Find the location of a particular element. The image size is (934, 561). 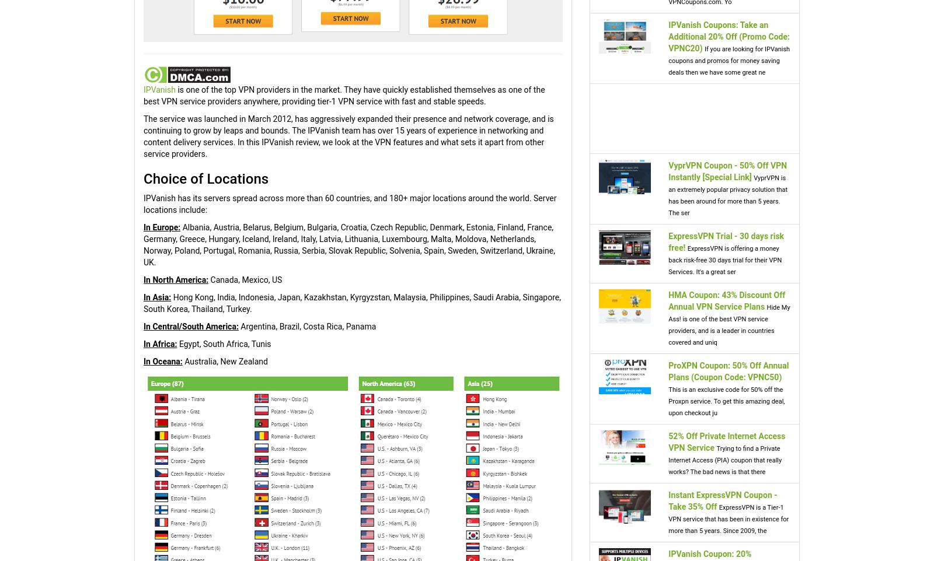

'In Central/South America:' is located at coordinates (191, 326).